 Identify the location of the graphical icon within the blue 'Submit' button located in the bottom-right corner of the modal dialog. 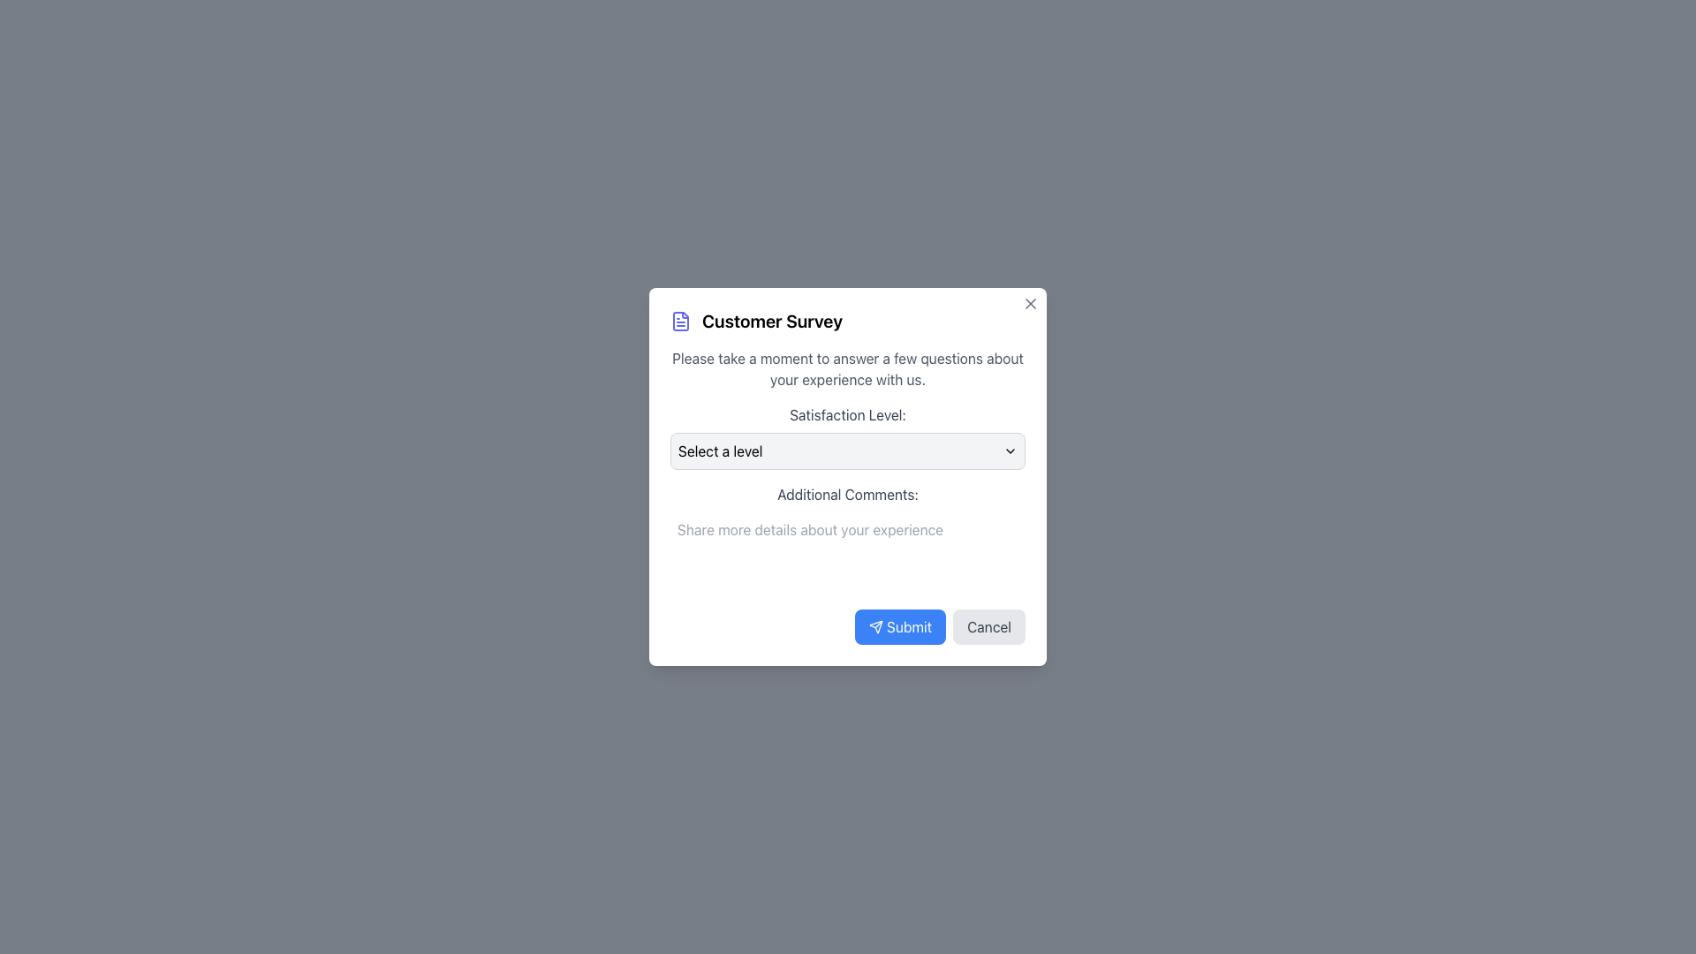
(875, 625).